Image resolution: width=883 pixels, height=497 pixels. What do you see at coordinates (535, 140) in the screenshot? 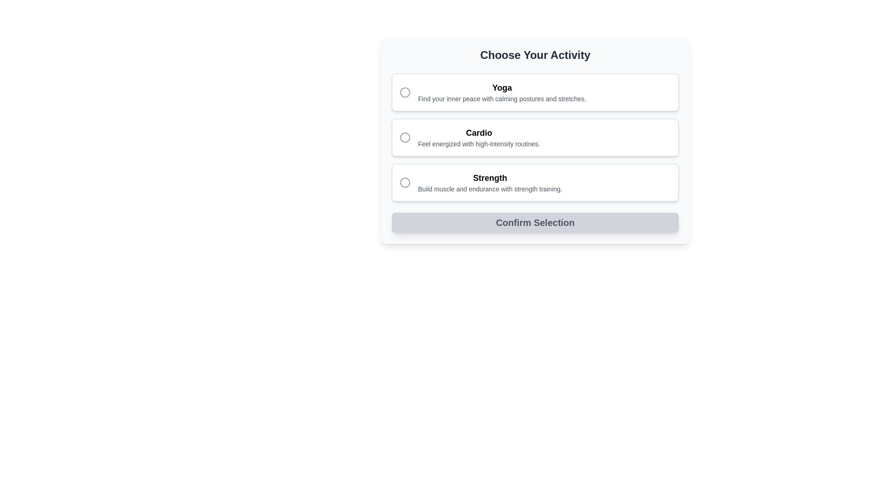
I see `the radio button options in the Interactive Form Section to observe the visual effects` at bounding box center [535, 140].